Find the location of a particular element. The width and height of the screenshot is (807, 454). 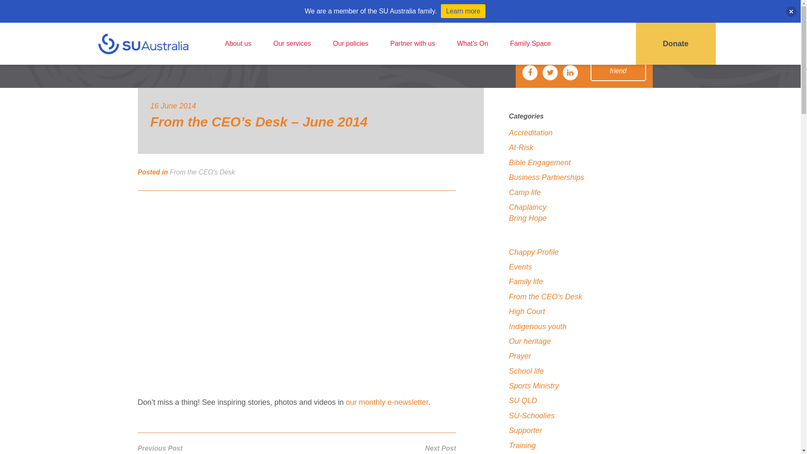

'Our policies' is located at coordinates (351, 44).